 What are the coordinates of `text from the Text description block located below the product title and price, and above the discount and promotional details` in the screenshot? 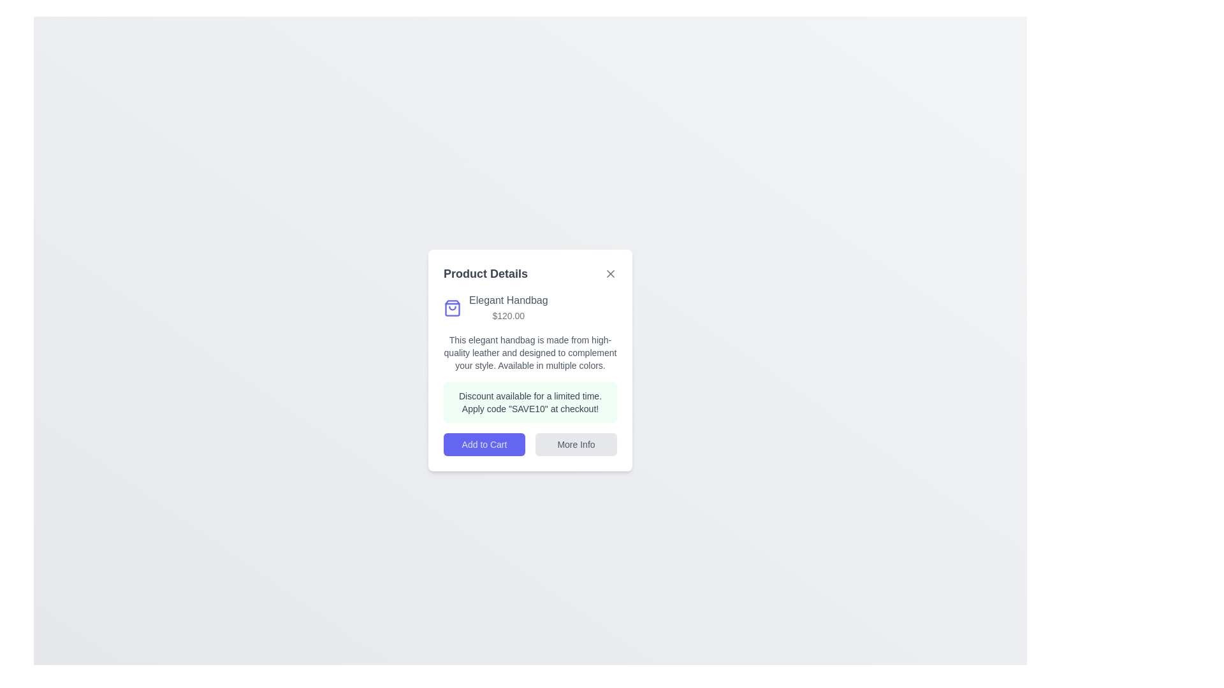 It's located at (530, 353).